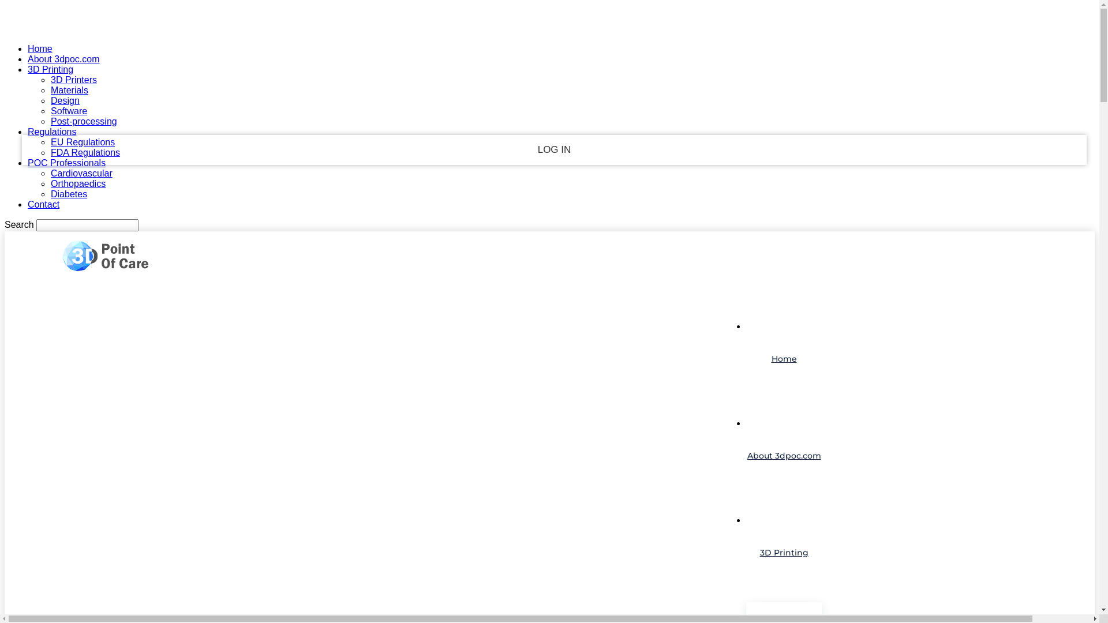 This screenshot has height=623, width=1108. What do you see at coordinates (28, 163) in the screenshot?
I see `'POC Professionals'` at bounding box center [28, 163].